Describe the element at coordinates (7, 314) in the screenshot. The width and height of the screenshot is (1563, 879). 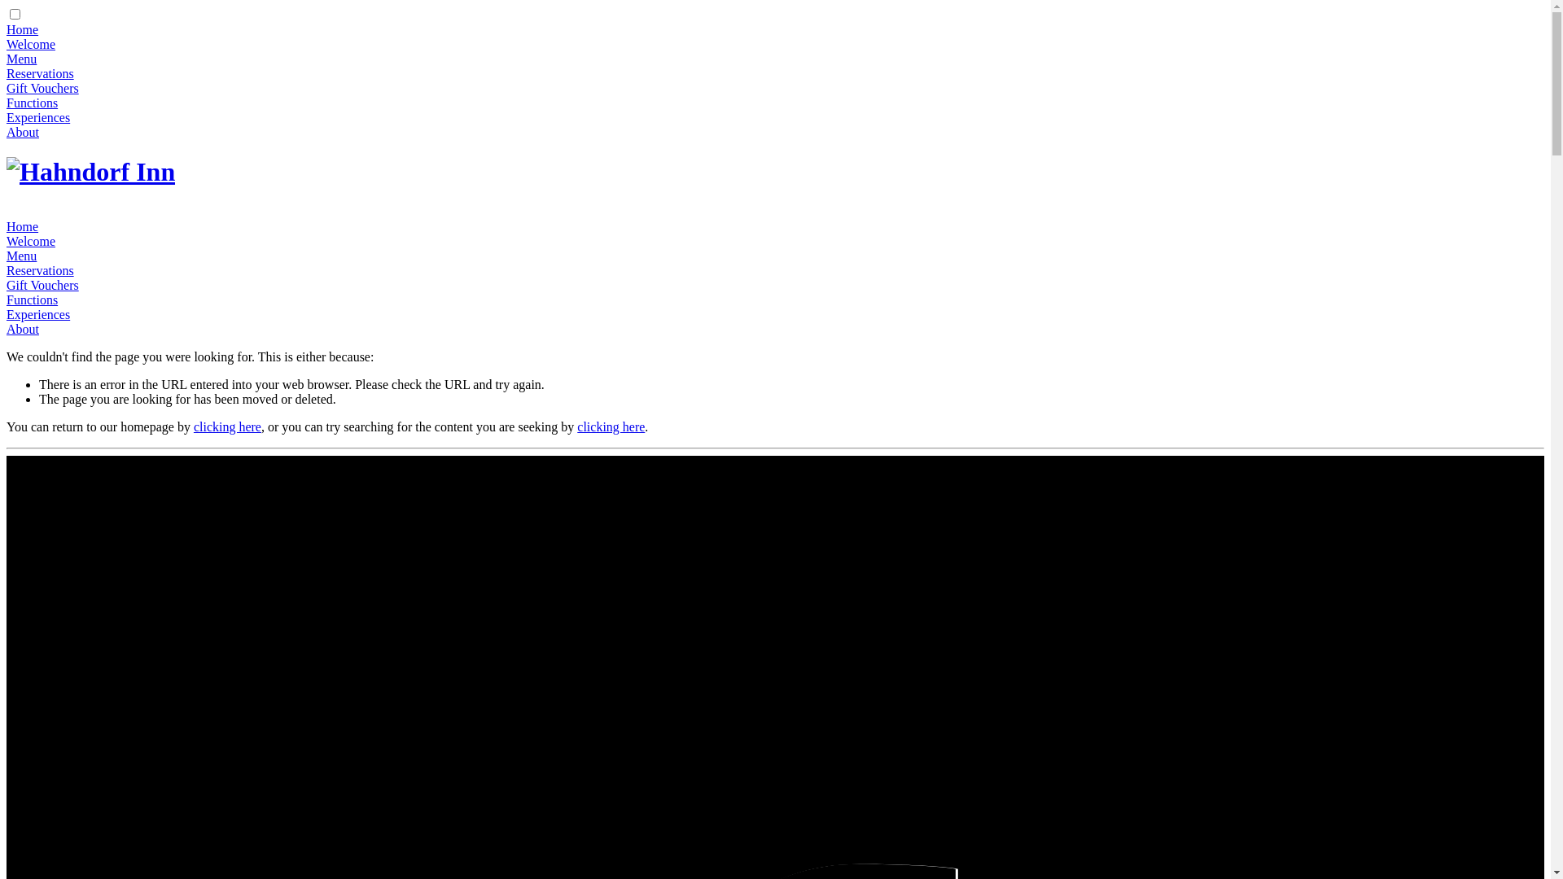
I see `'Experiences'` at that location.